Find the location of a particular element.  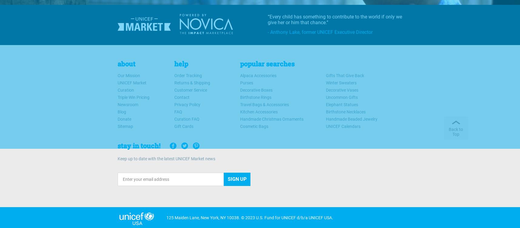

'About' is located at coordinates (126, 63).